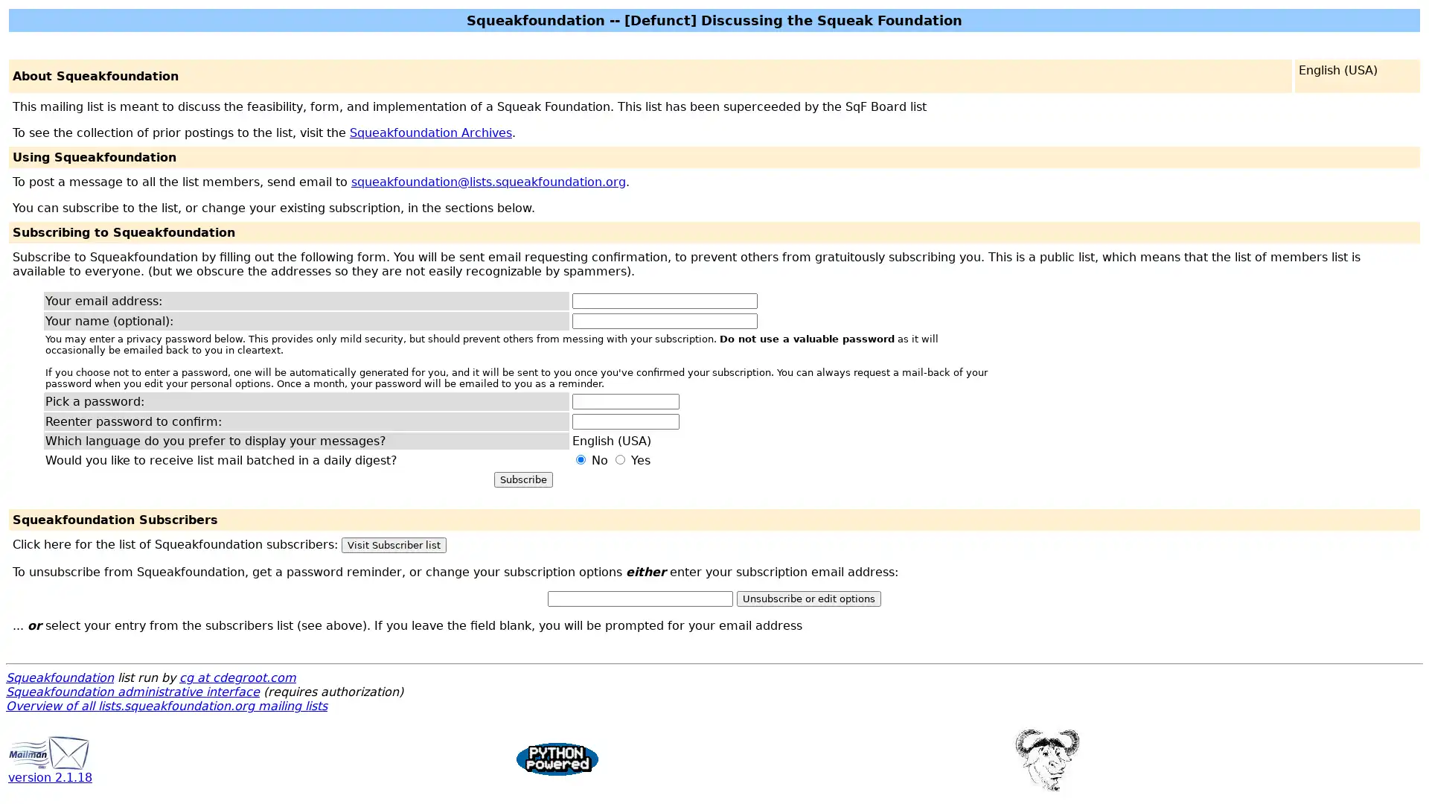 The width and height of the screenshot is (1429, 804). I want to click on Visit Subscriber list, so click(394, 545).